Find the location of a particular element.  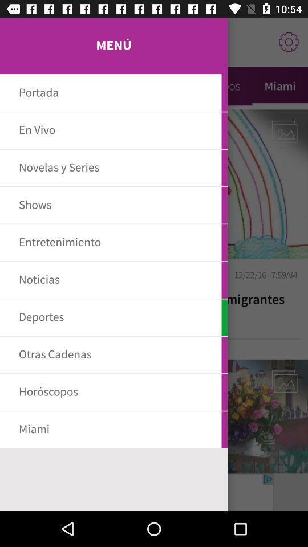

miami is located at coordinates (279, 85).